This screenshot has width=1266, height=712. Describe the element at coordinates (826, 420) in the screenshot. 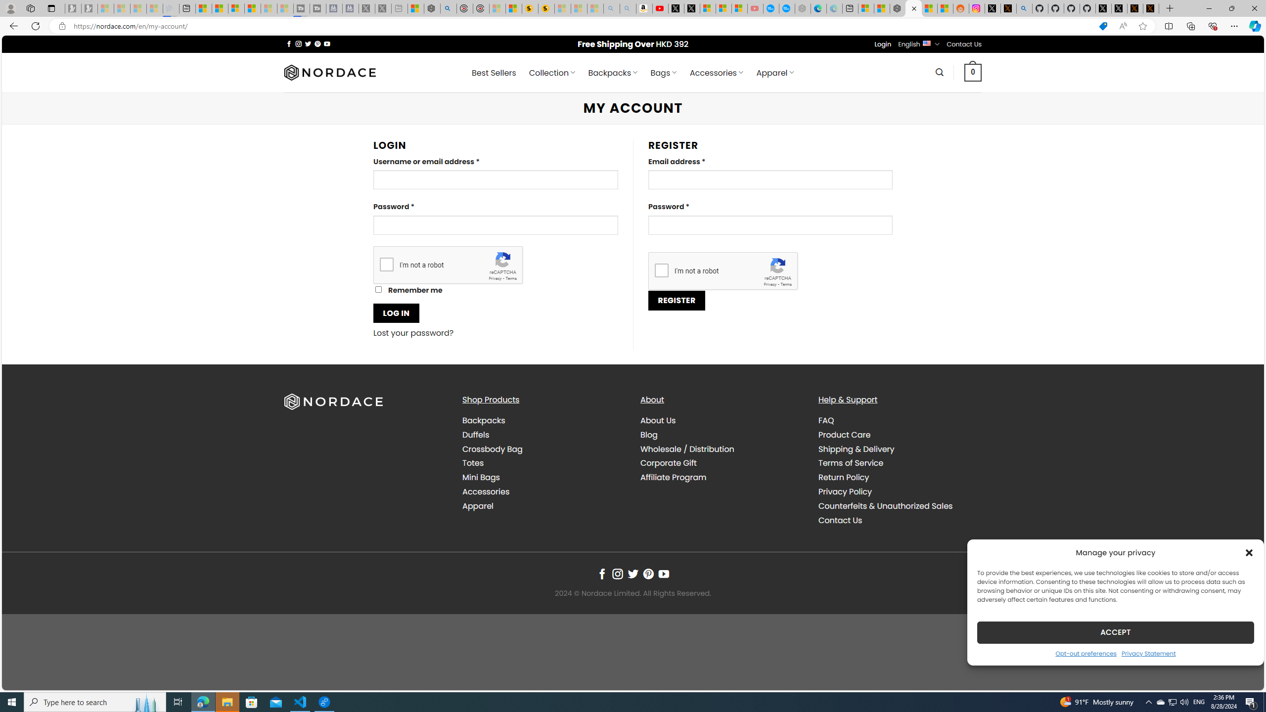

I see `'FAQ'` at that location.